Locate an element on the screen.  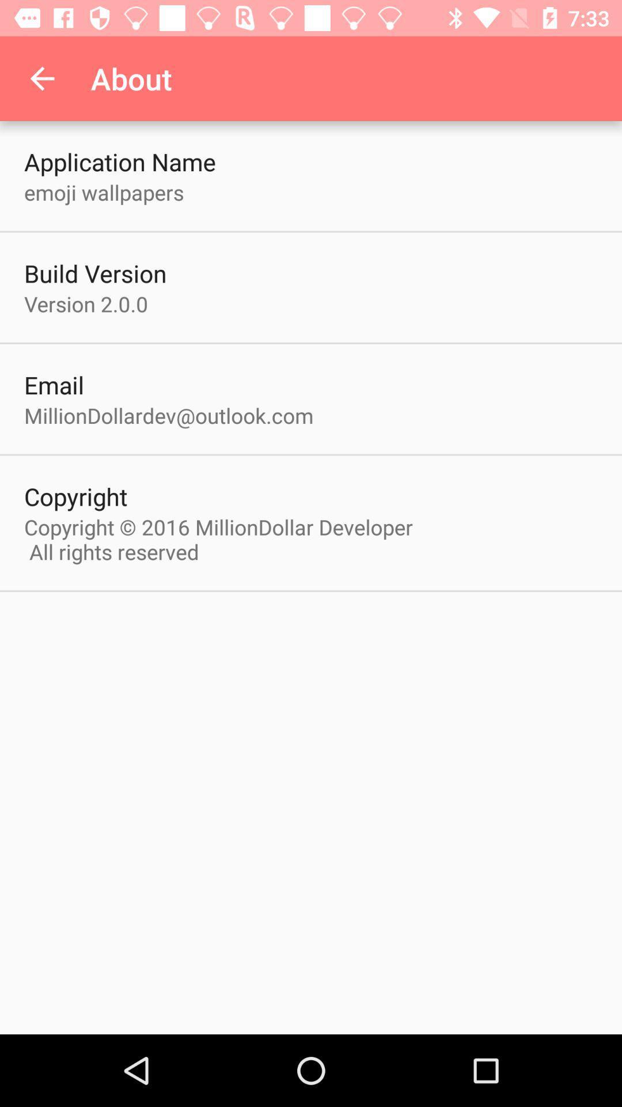
the emoji wallpapers is located at coordinates (104, 192).